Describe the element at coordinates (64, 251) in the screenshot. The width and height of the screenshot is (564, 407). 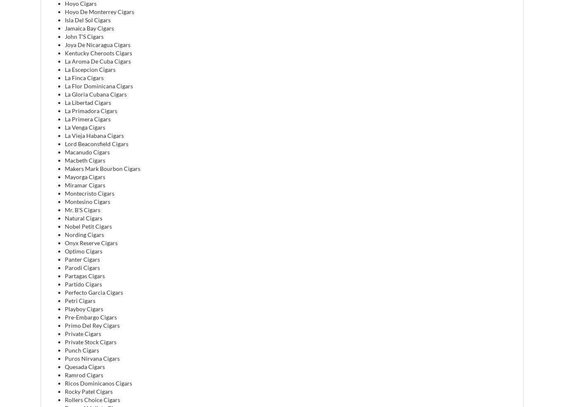
I see `'Optimo Cigars'` at that location.